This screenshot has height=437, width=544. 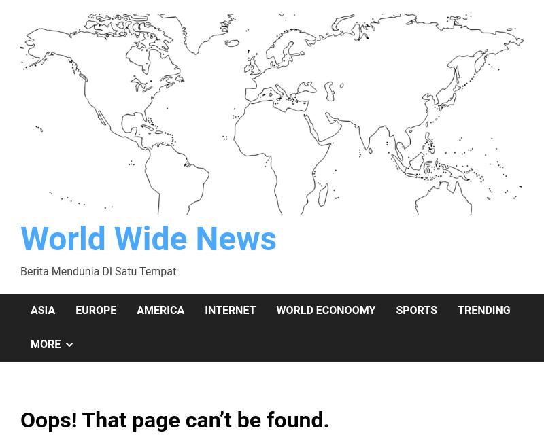 What do you see at coordinates (148, 238) in the screenshot?
I see `'World Wide News'` at bounding box center [148, 238].